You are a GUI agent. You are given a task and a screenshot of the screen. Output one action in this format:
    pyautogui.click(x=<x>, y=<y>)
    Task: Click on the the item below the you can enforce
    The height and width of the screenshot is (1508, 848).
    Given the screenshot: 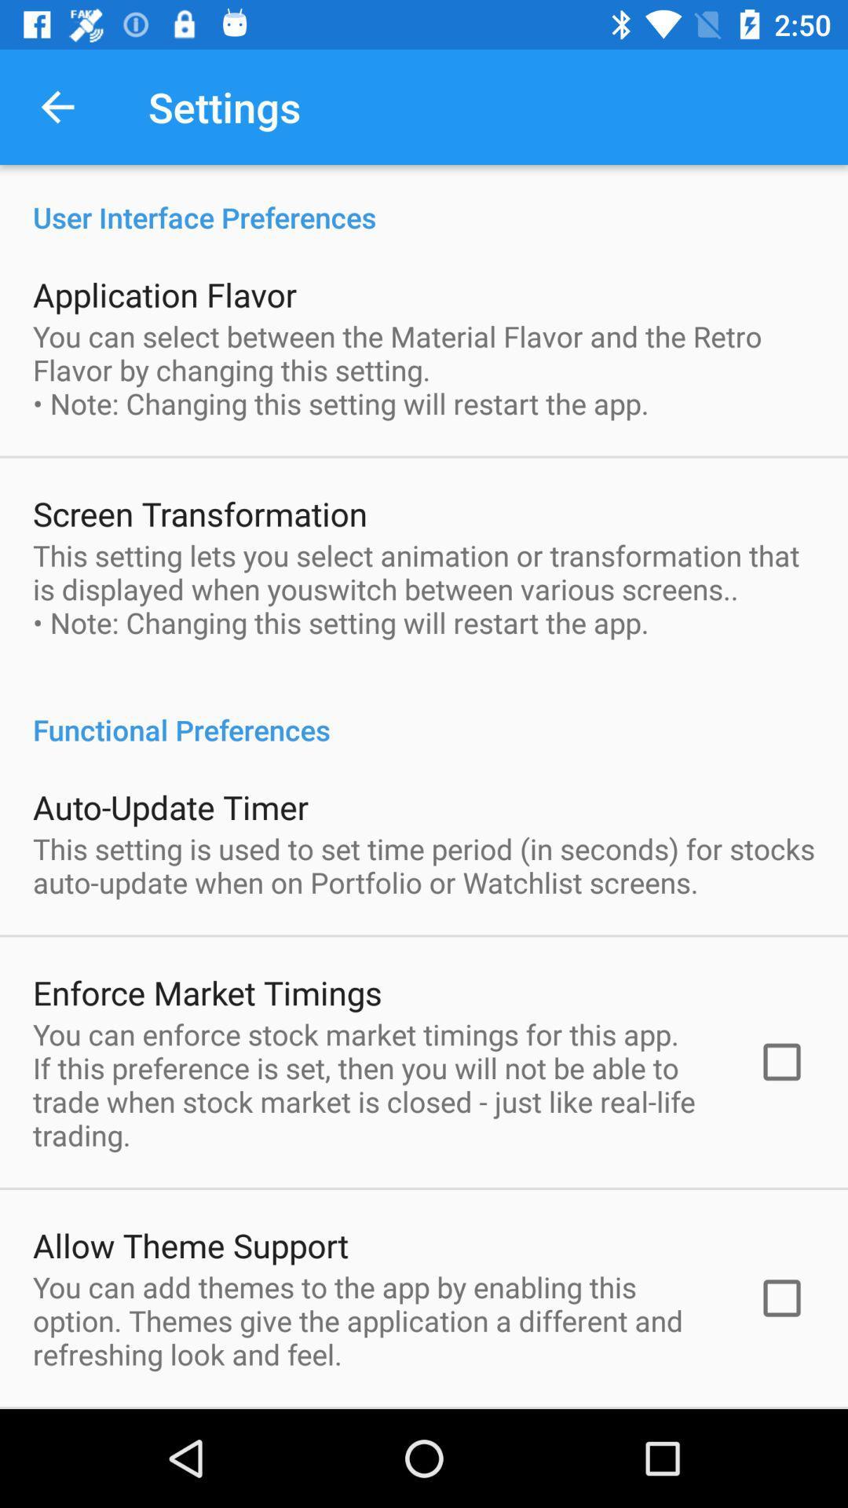 What is the action you would take?
    pyautogui.click(x=190, y=1244)
    